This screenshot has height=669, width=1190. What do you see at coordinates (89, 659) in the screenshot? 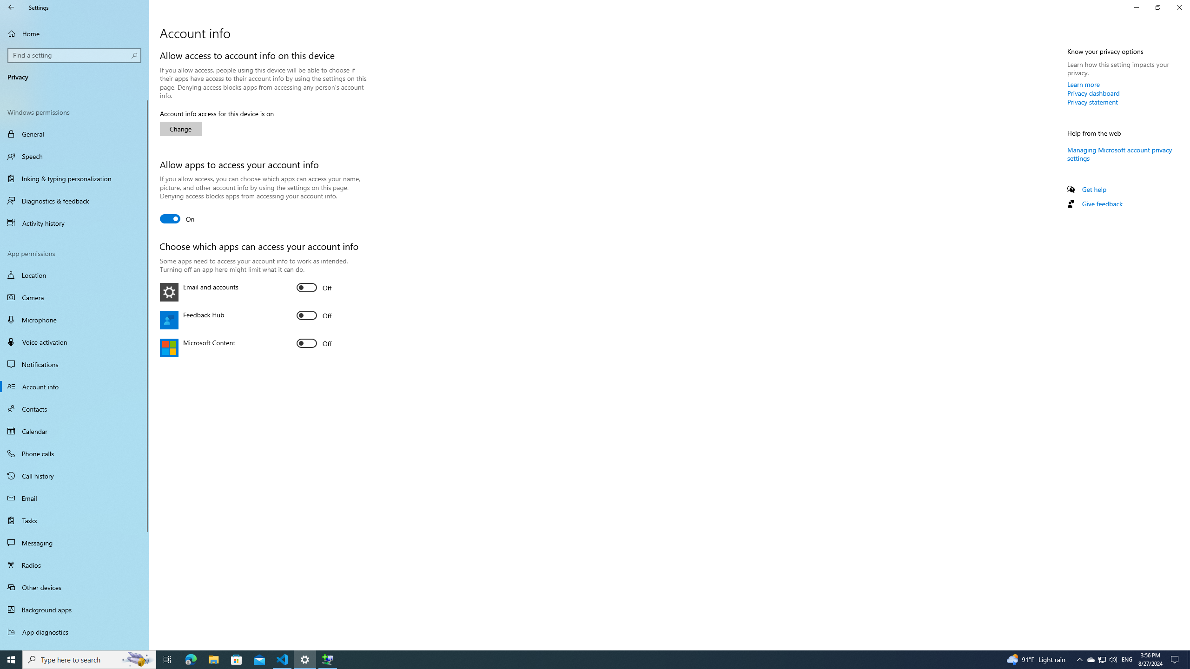
I see `'Type here to search'` at bounding box center [89, 659].